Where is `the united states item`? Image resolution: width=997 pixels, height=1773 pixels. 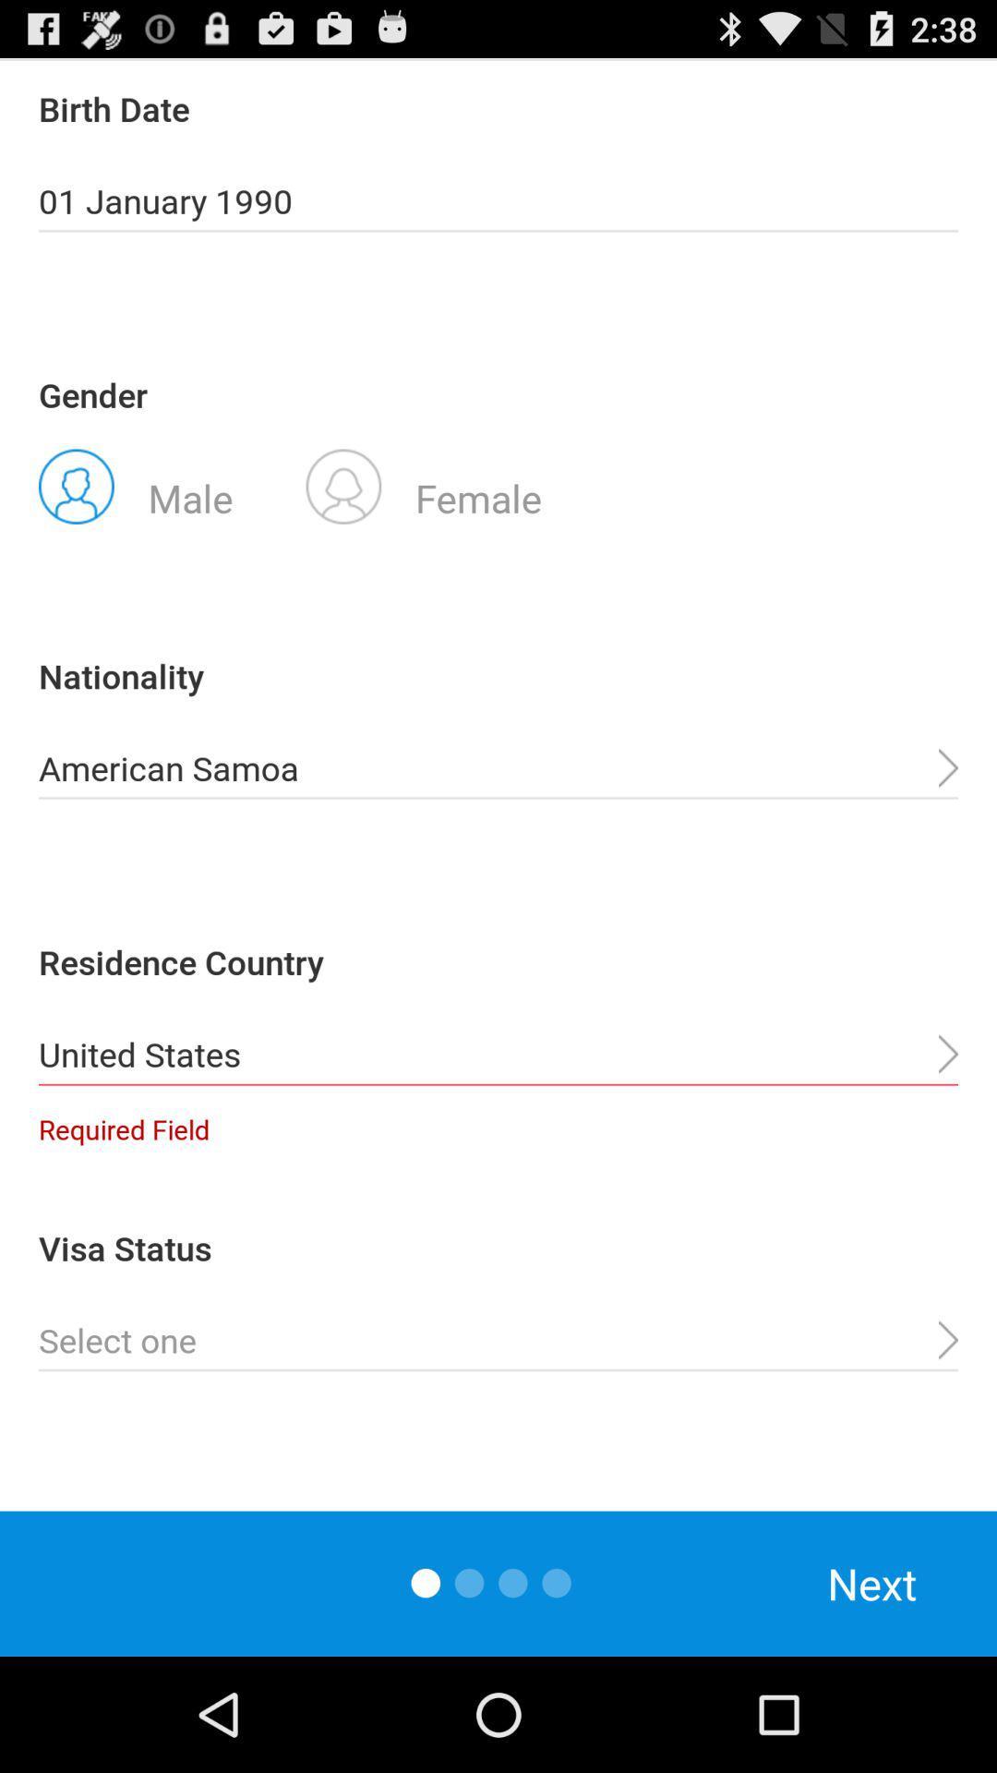
the united states item is located at coordinates (498, 1055).